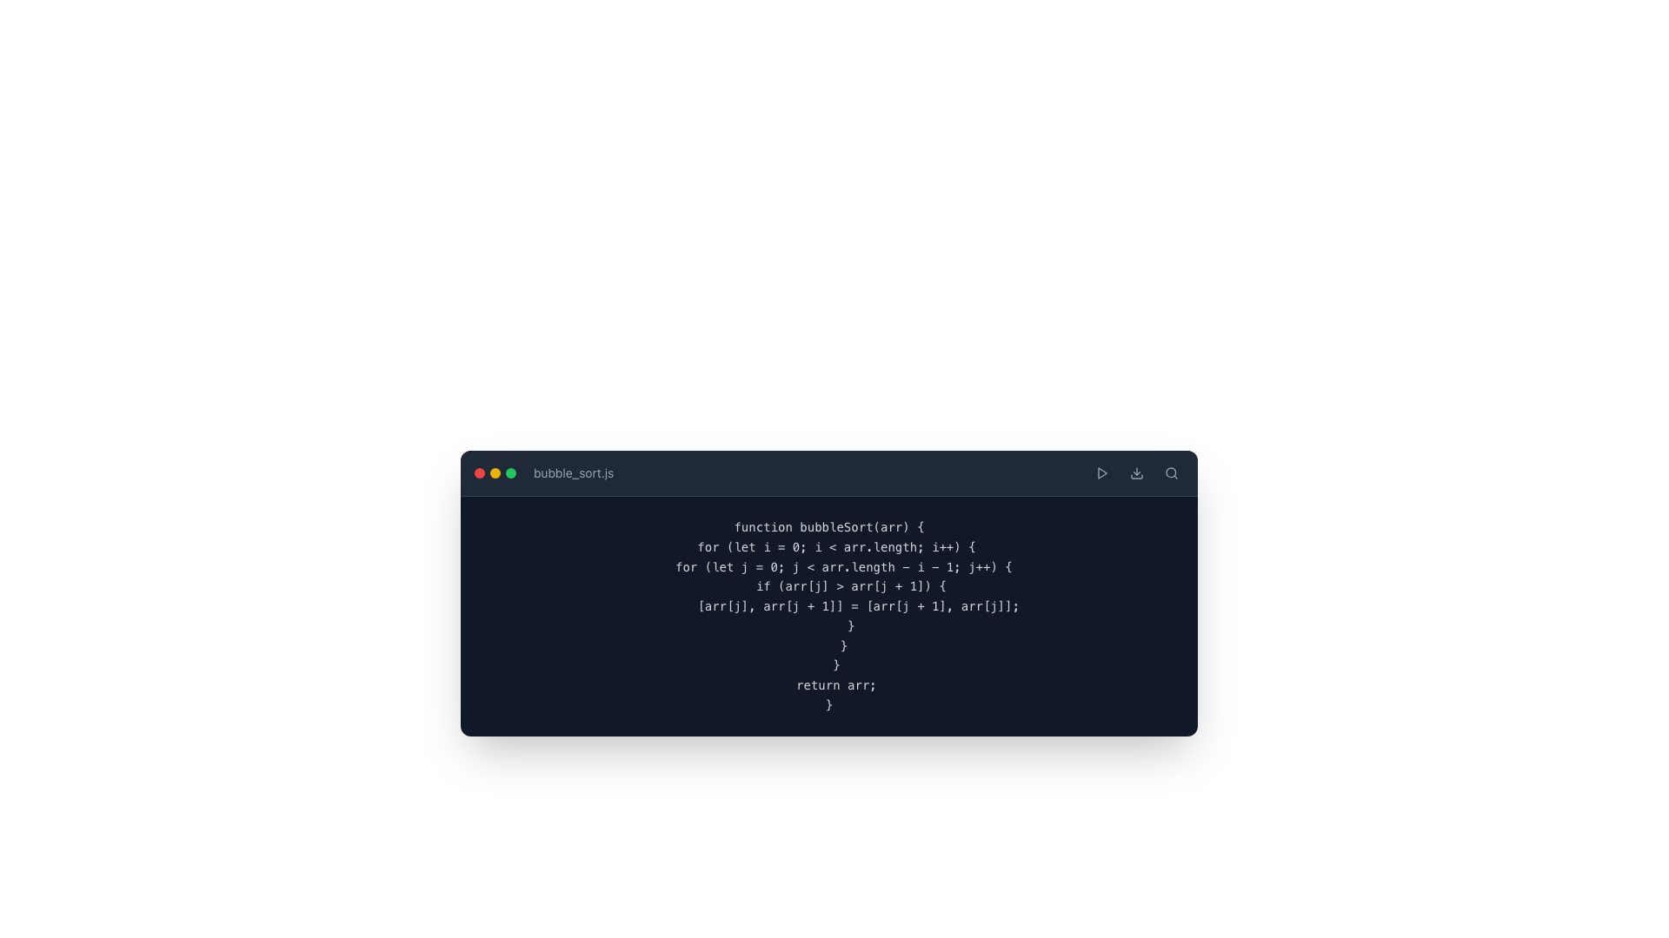 The width and height of the screenshot is (1669, 938). What do you see at coordinates (495, 472) in the screenshot?
I see `the yellow circle of the grouped interactive icons located in the header bar to minimize the window` at bounding box center [495, 472].